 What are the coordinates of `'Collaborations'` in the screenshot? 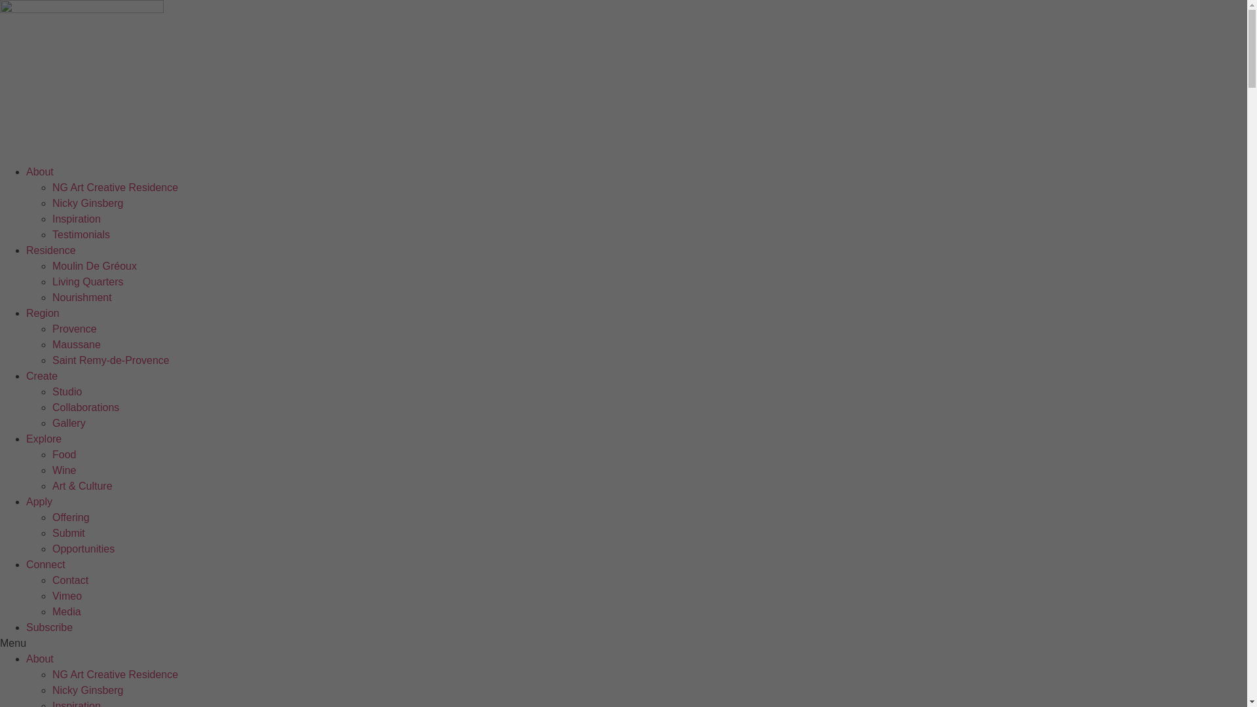 It's located at (84, 407).